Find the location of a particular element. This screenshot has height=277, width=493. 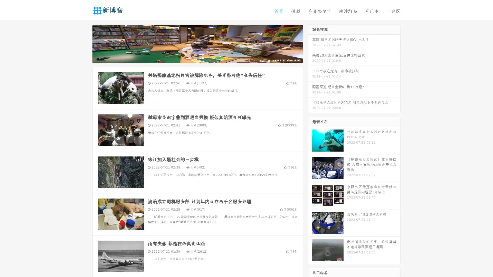

Previous slide is located at coordinates (85, 43).